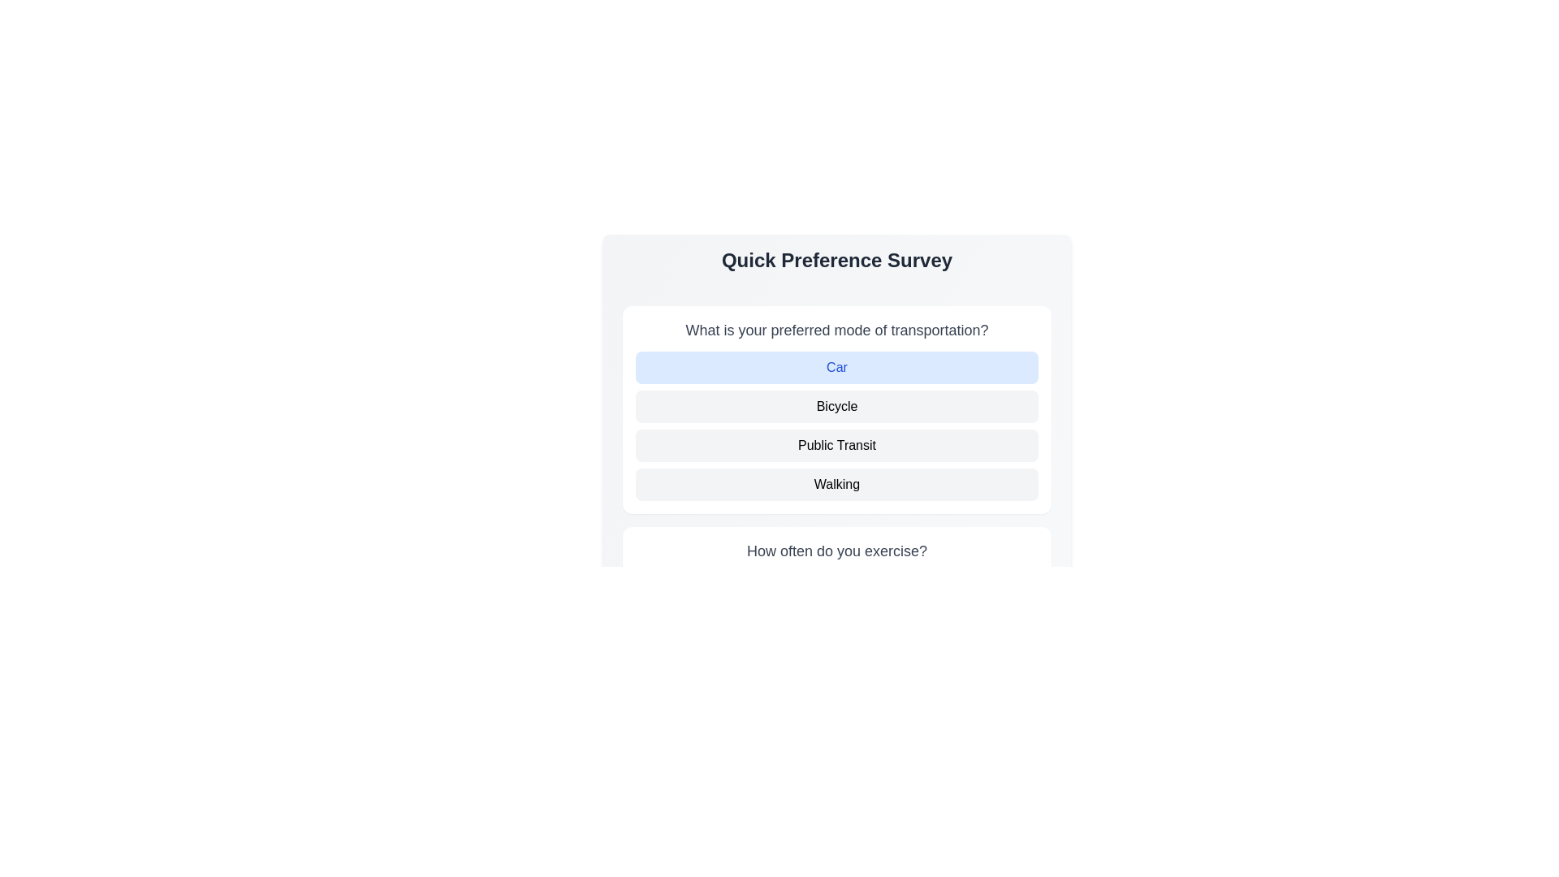  Describe the element at coordinates (837, 425) in the screenshot. I see `the second selectable option in the transportation preference group` at that location.